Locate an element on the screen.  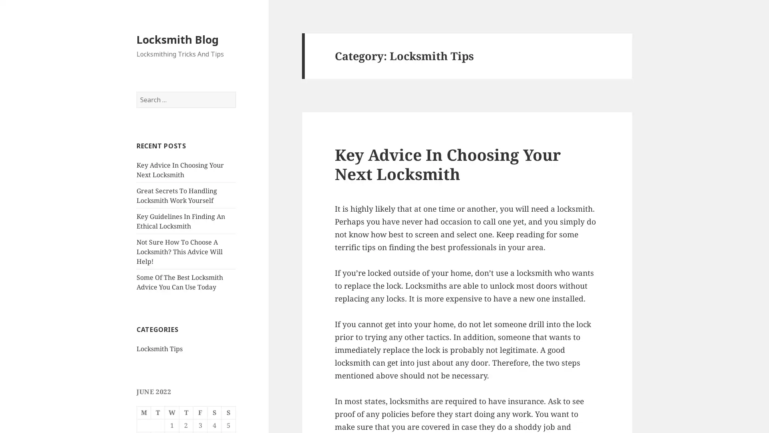
Search is located at coordinates (235, 91).